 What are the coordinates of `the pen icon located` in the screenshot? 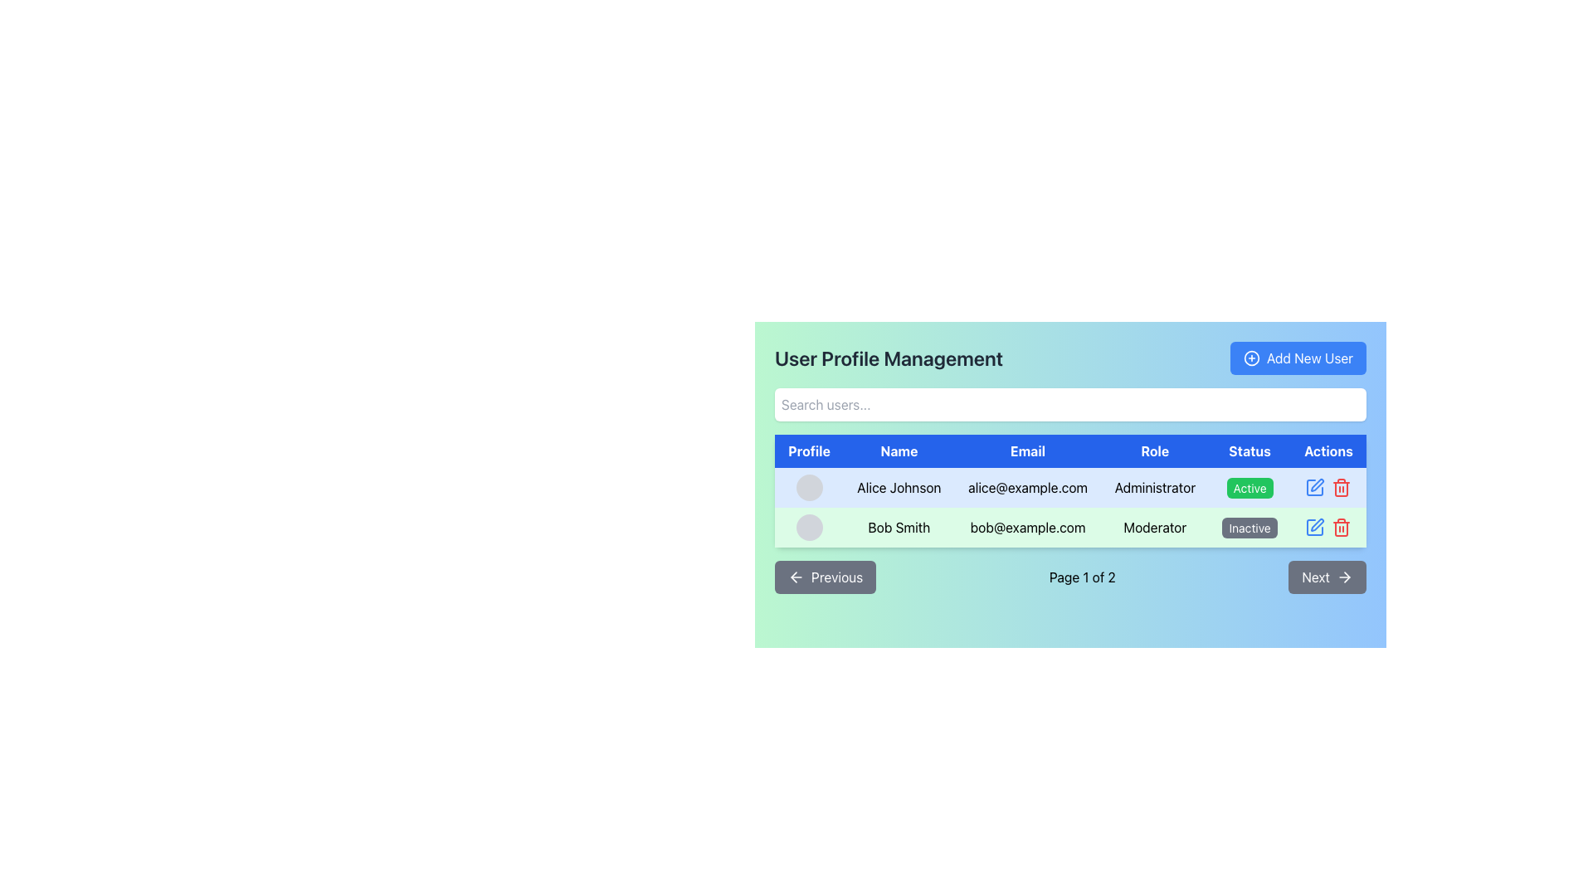 It's located at (1317, 485).